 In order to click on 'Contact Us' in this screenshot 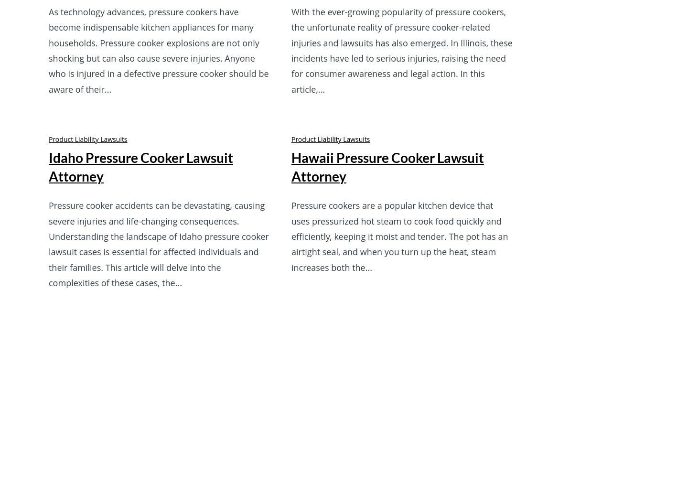, I will do `click(192, 346)`.